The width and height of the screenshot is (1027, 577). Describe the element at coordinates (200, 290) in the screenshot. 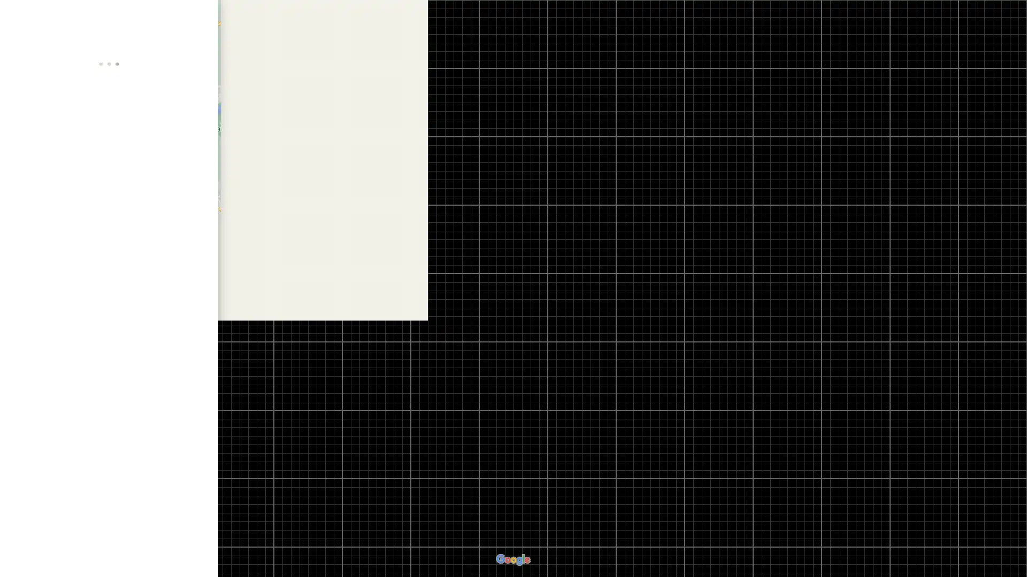

I see `Copy website` at that location.